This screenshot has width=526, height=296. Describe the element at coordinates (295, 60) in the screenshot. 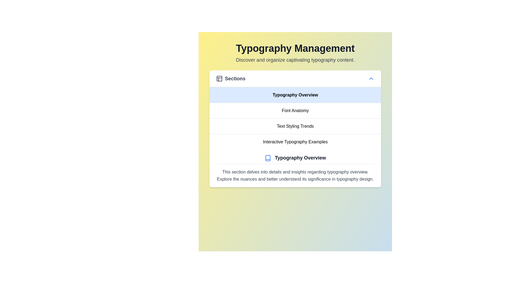

I see `static text element that displays 'Discover and organize captivating typography content.' located beneath the header 'Typography Management'` at that location.